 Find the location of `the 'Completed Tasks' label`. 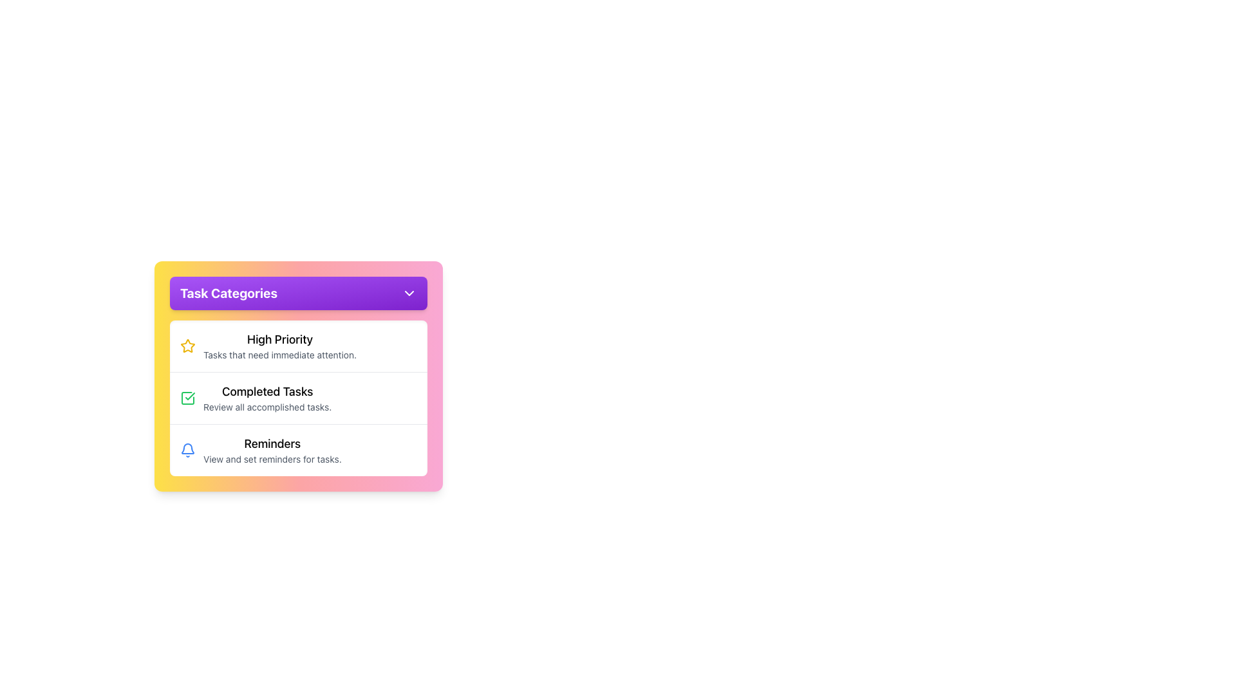

the 'Completed Tasks' label is located at coordinates (267, 391).